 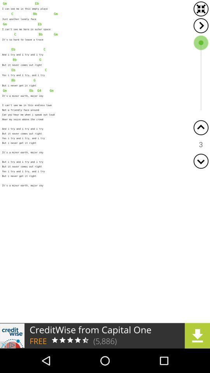 I want to click on scroll up, so click(x=201, y=127).